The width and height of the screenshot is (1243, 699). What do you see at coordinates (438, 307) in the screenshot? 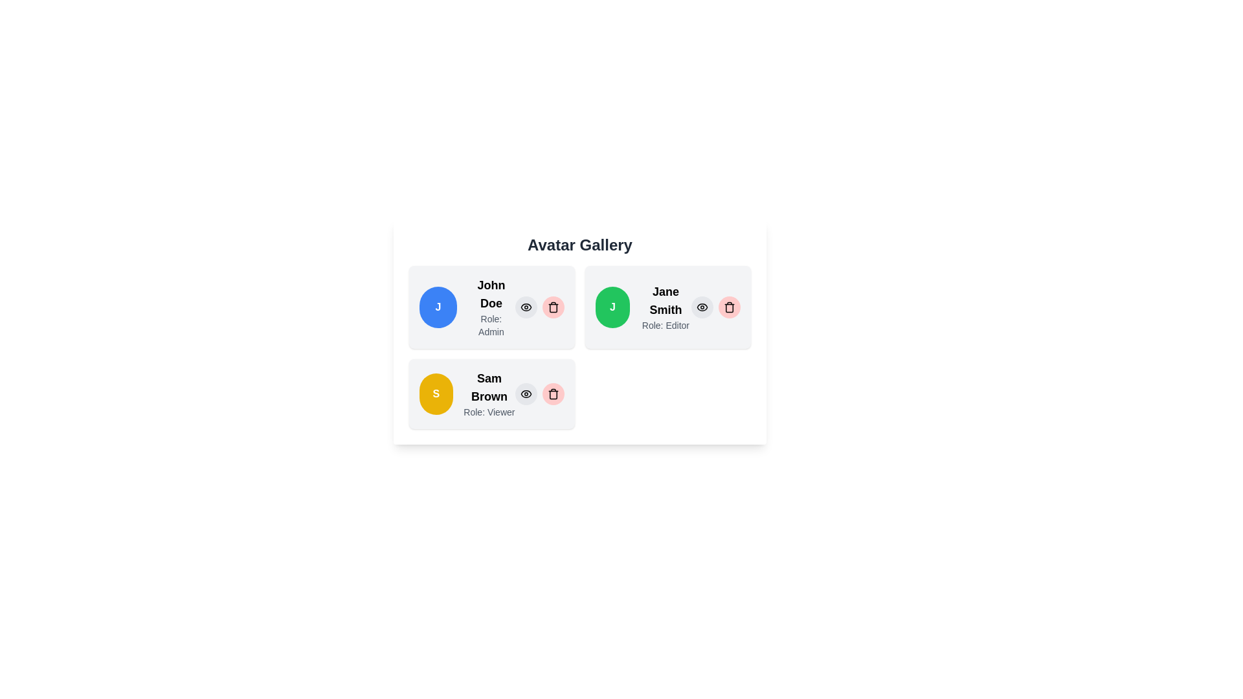
I see `the Avatar representing user 'John Doe'` at bounding box center [438, 307].